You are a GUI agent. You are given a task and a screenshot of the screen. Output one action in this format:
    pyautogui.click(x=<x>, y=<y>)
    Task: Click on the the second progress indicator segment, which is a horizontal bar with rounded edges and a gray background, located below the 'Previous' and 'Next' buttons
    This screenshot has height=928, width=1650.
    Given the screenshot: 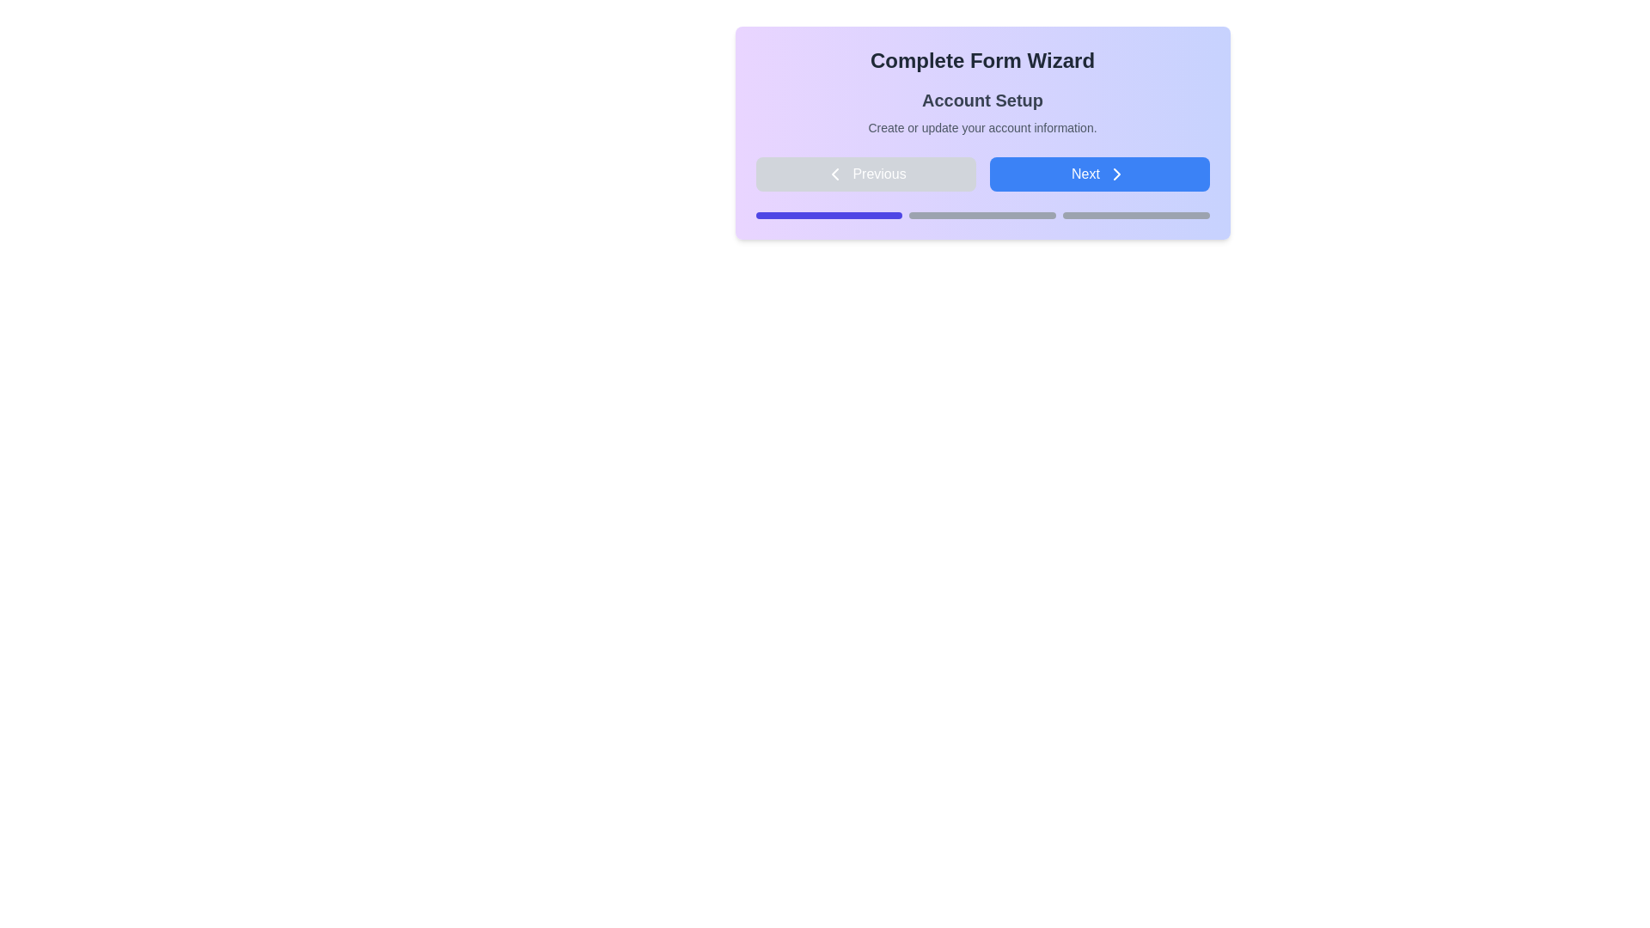 What is the action you would take?
    pyautogui.click(x=982, y=214)
    